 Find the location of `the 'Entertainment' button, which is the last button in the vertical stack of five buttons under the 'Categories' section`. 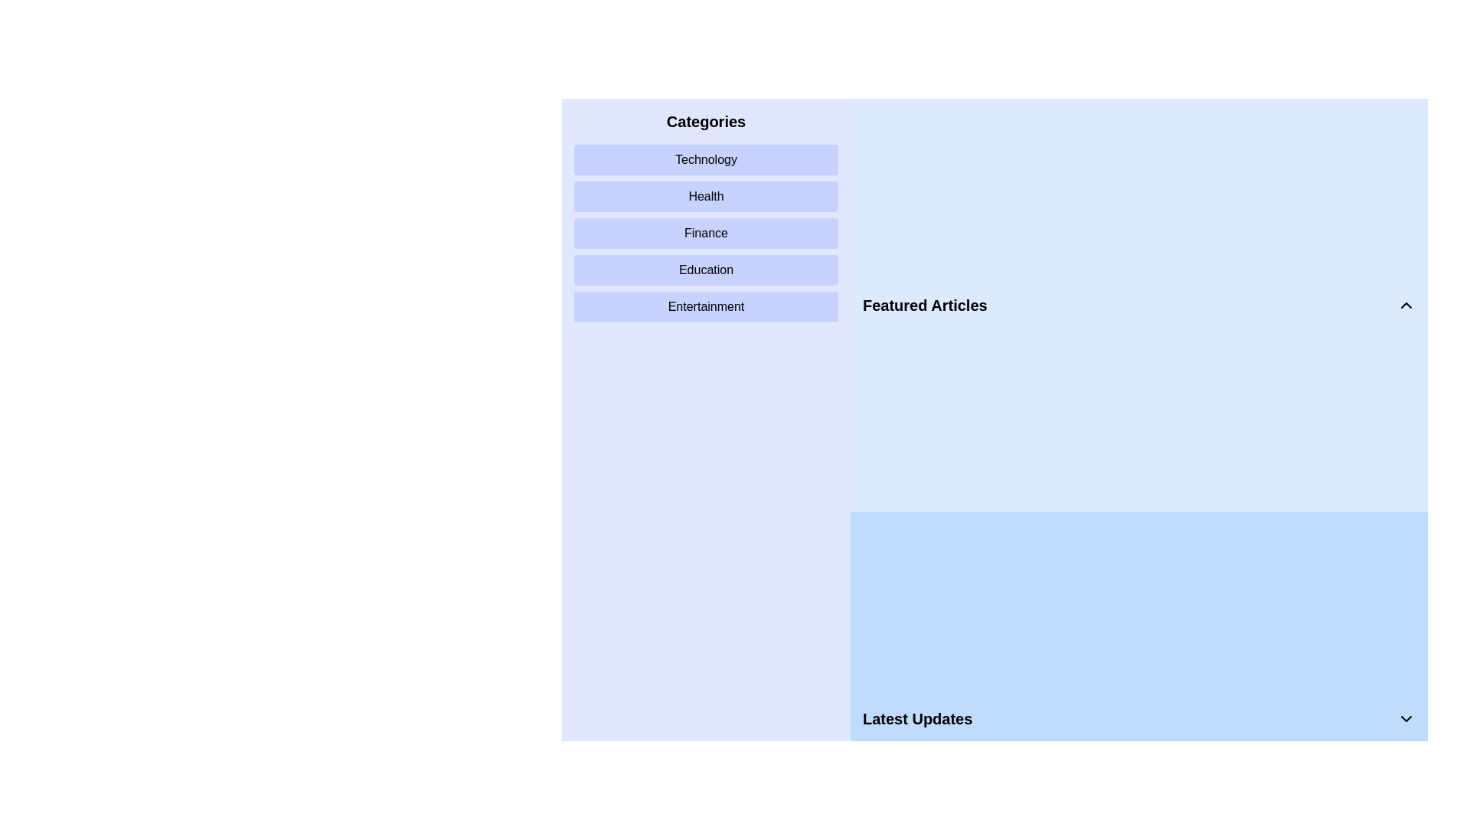

the 'Entertainment' button, which is the last button in the vertical stack of five buttons under the 'Categories' section is located at coordinates (705, 307).